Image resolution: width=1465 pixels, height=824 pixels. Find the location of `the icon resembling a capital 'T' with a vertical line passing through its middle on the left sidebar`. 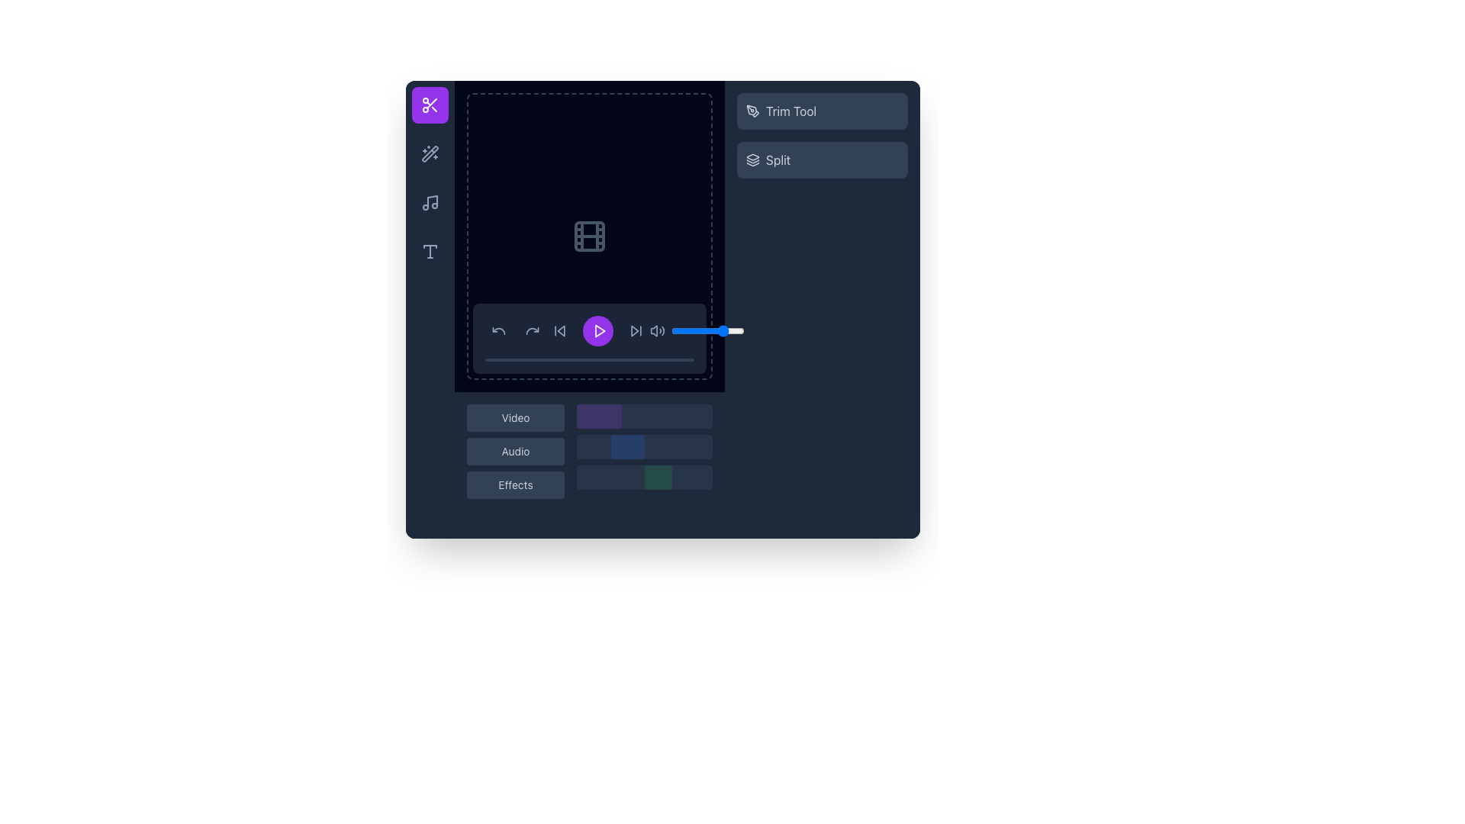

the icon resembling a capital 'T' with a vertical line passing through its middle on the left sidebar is located at coordinates (430, 251).